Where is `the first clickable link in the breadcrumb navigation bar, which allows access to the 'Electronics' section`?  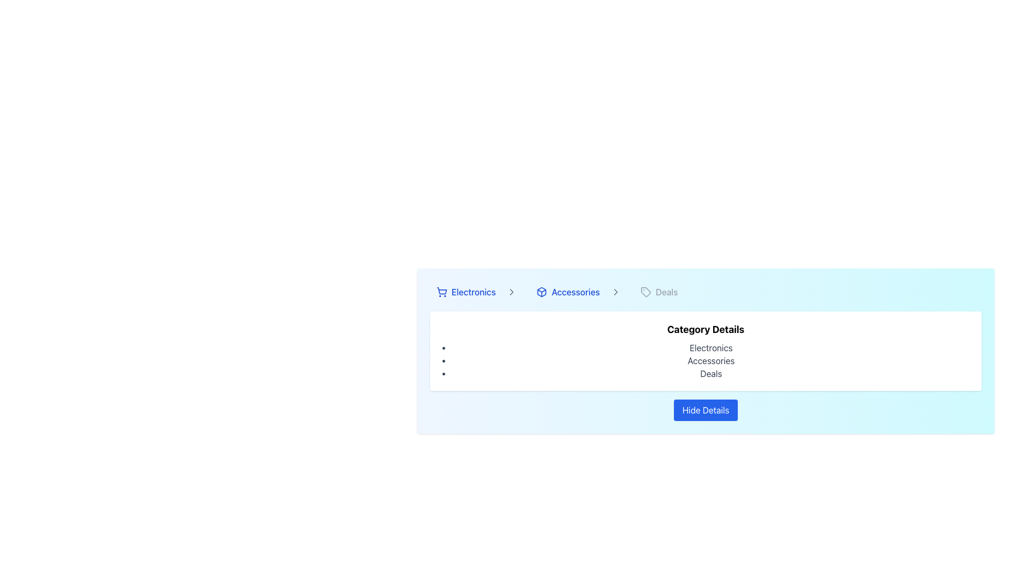 the first clickable link in the breadcrumb navigation bar, which allows access to the 'Electronics' section is located at coordinates (475, 292).